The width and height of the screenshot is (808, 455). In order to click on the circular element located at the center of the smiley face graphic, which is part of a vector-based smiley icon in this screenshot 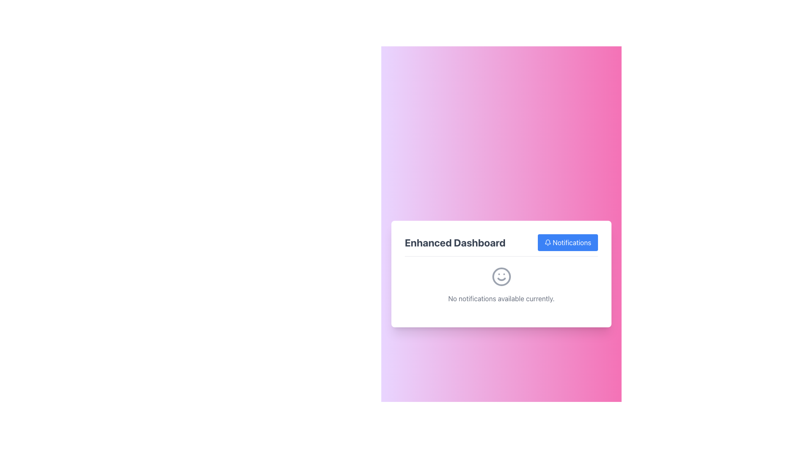, I will do `click(501, 276)`.